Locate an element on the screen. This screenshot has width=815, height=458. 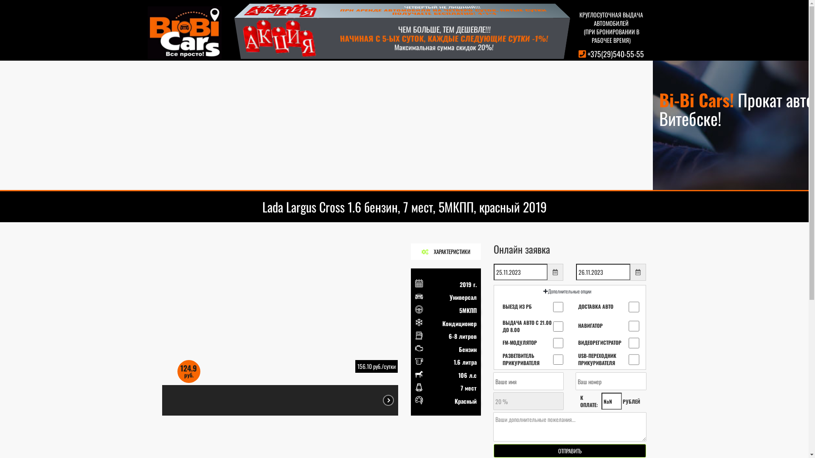
'+375(29)540-55-55' is located at coordinates (615, 54).